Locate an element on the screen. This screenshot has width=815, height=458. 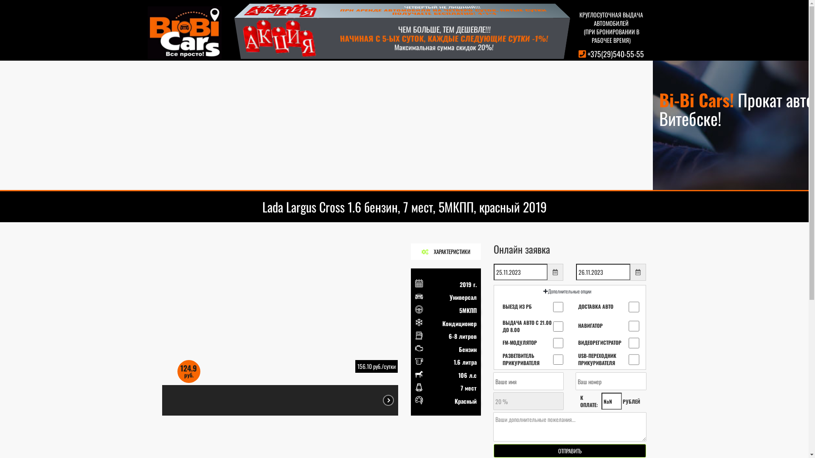
'+375(29)540-55-55' is located at coordinates (615, 54).